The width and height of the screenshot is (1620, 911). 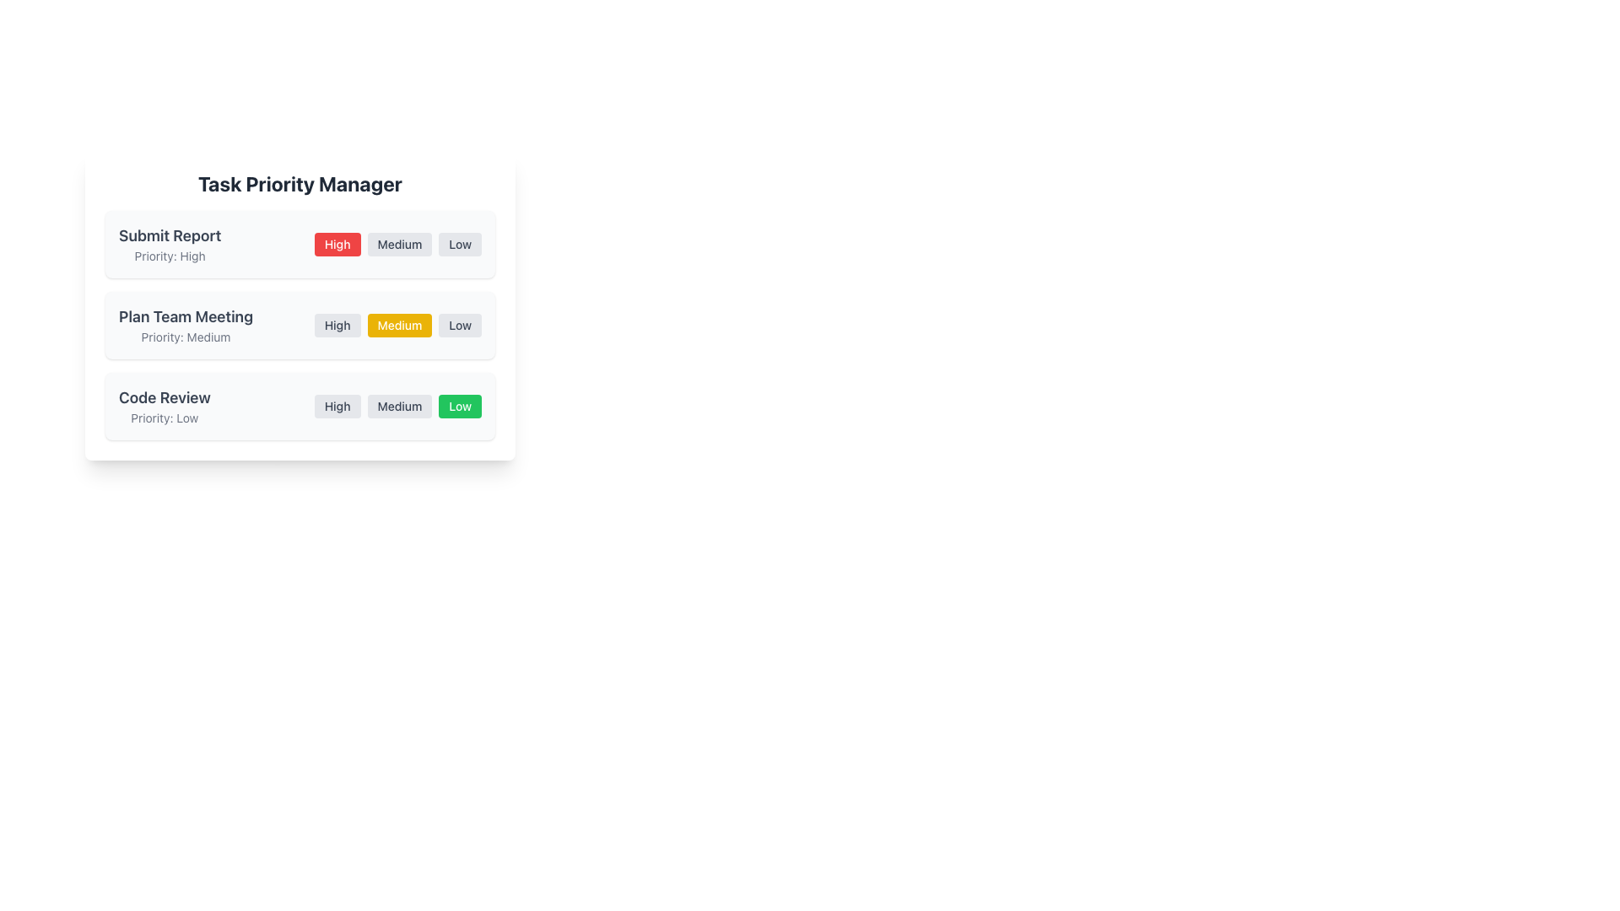 I want to click on the 'High' priority button, which is a rectangular button with a red background and white text, prominently labeled and part of a group of three priority buttons, so click(x=337, y=244).